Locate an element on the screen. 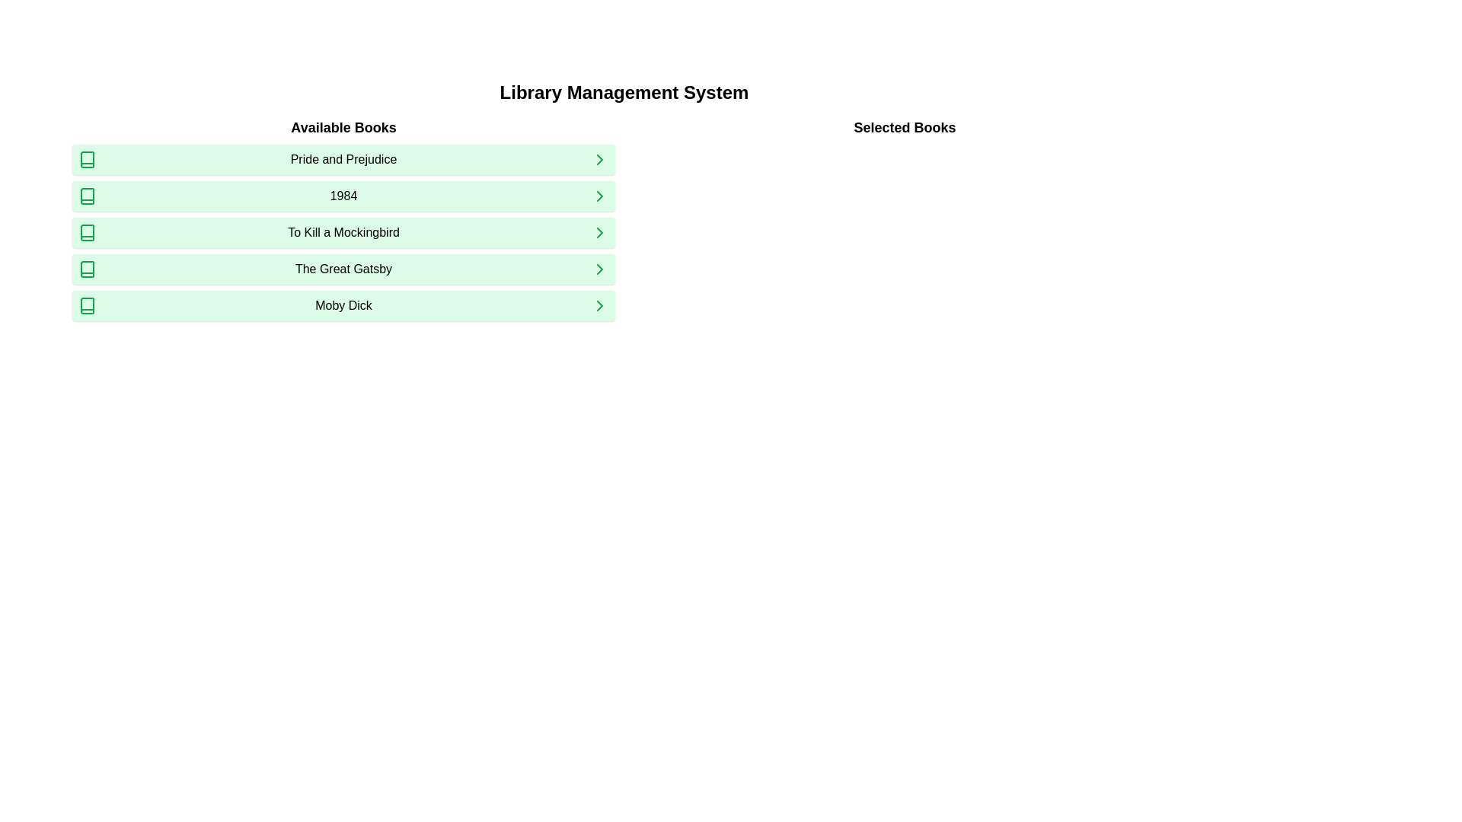 The width and height of the screenshot is (1462, 822). the visual indicator icon related to the book title 'To Kill a Mockingbird', located in the third row of the 'Available Books' list, near the left side is located at coordinates (87, 232).